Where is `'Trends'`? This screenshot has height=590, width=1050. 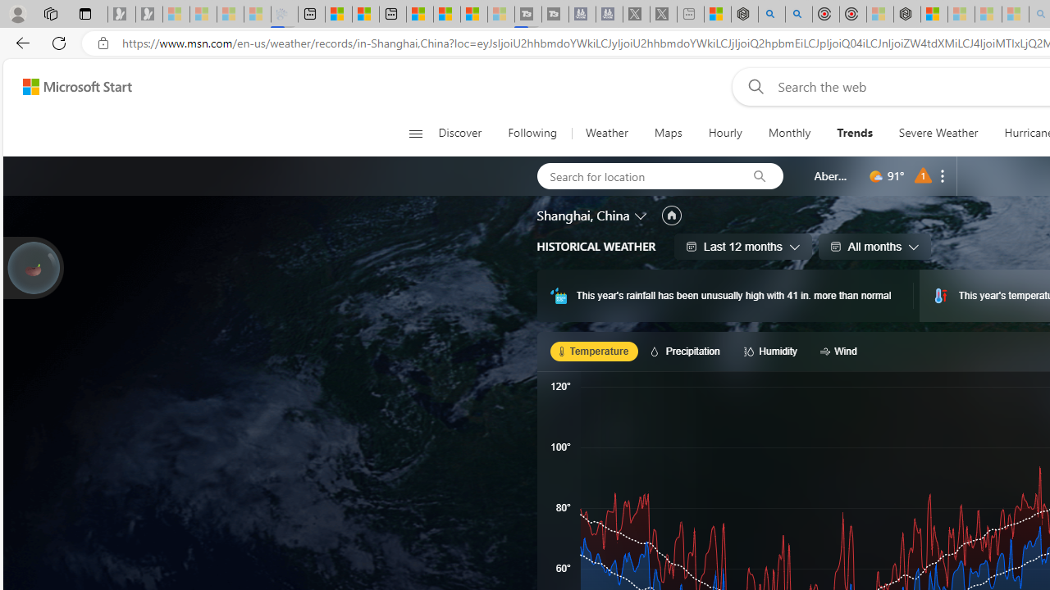
'Trends' is located at coordinates (853, 133).